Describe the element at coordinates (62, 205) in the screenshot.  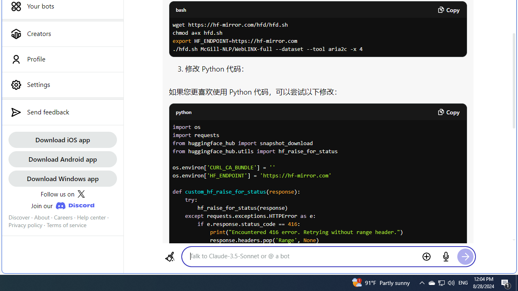
I see `'Join our'` at that location.